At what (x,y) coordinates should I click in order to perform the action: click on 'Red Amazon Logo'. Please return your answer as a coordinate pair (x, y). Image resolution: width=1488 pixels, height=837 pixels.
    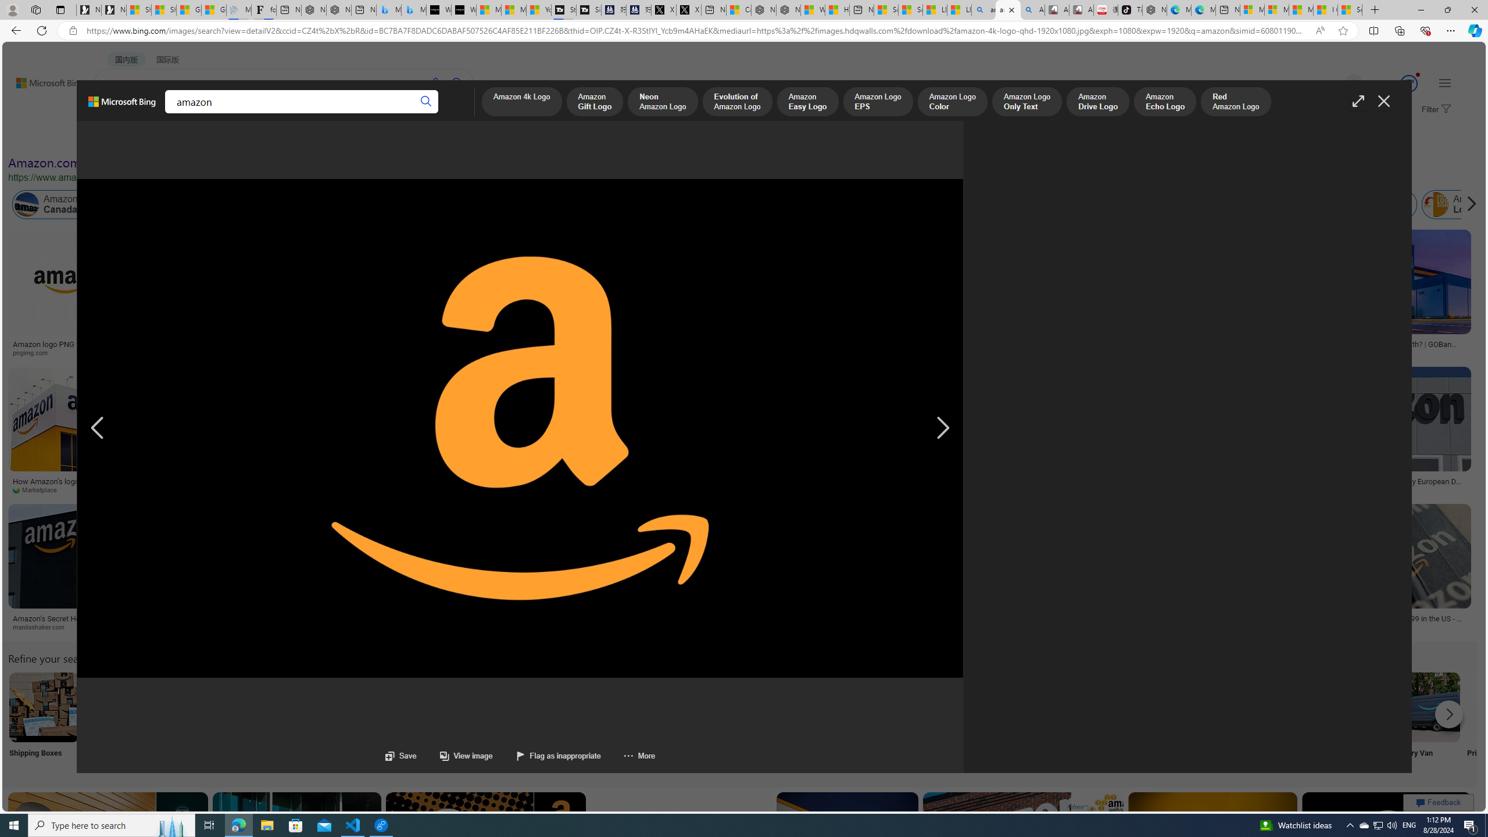
    Looking at the image, I should click on (1235, 102).